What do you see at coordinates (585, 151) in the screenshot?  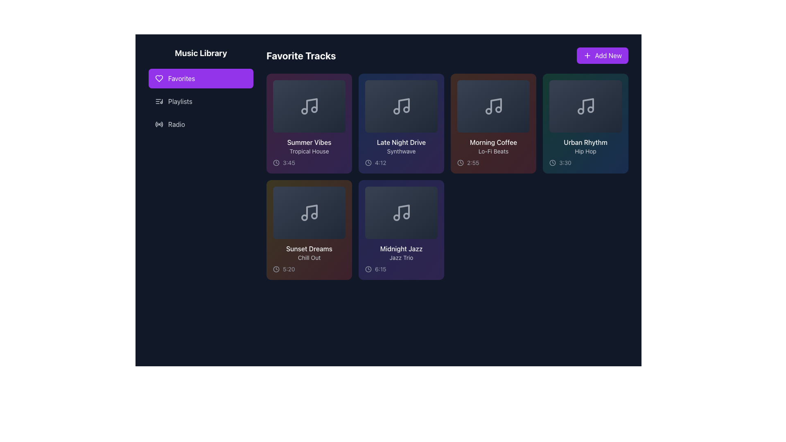 I see `the static text label that indicates the genre of the associated music item, located under 'Urban Rhythm' in the 'Favorite Tracks' section` at bounding box center [585, 151].